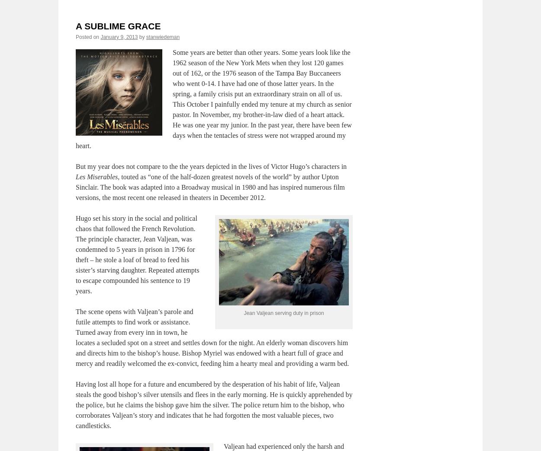 The width and height of the screenshot is (541, 451). What do you see at coordinates (76, 166) in the screenshot?
I see `'But my year does not compare to the the years depicted in the lives of Victor Hugo’s characters in'` at bounding box center [76, 166].